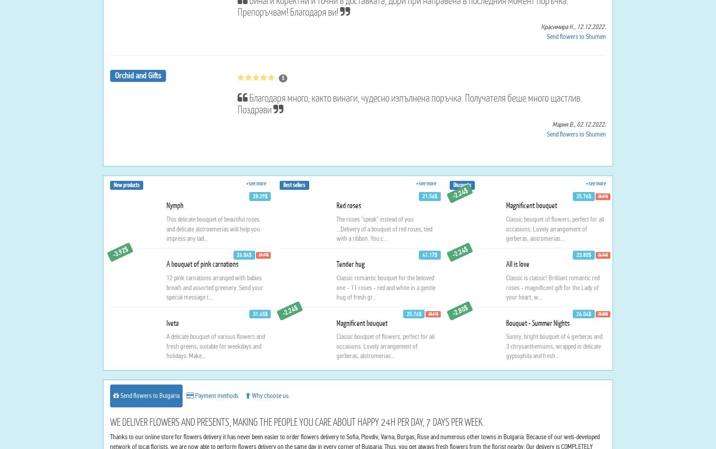 The height and width of the screenshot is (449, 716). What do you see at coordinates (459, 396) in the screenshot?
I see `'-2.80$'` at bounding box center [459, 396].